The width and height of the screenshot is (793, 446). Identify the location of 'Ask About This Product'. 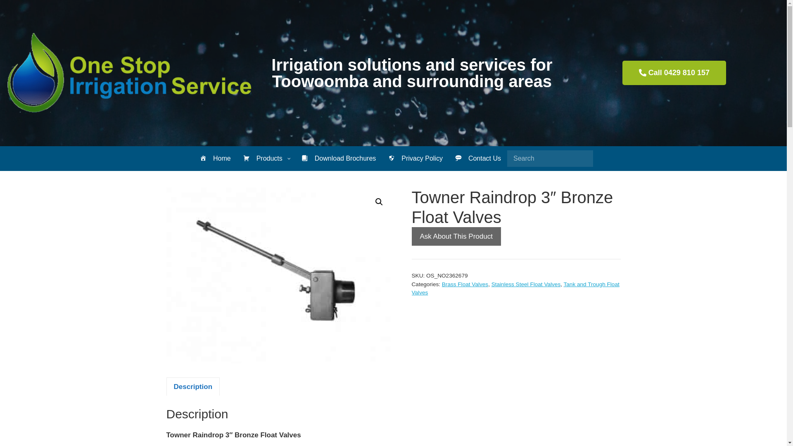
(411, 237).